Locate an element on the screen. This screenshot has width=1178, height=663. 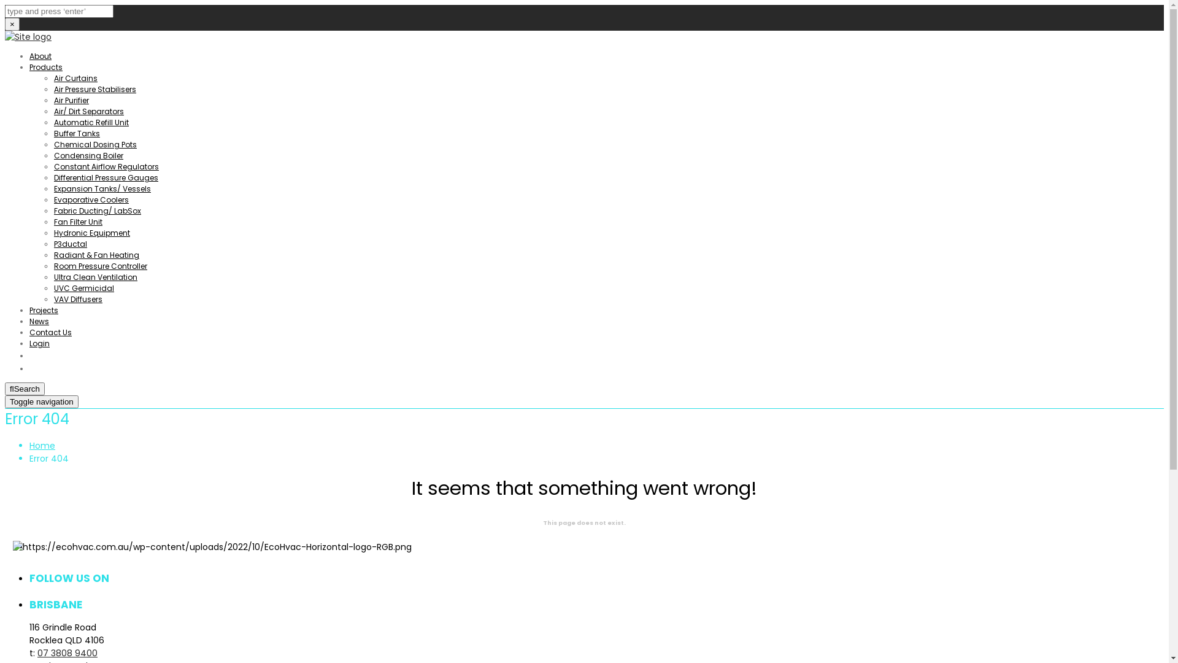
'Toggle navigation' is located at coordinates (41, 401).